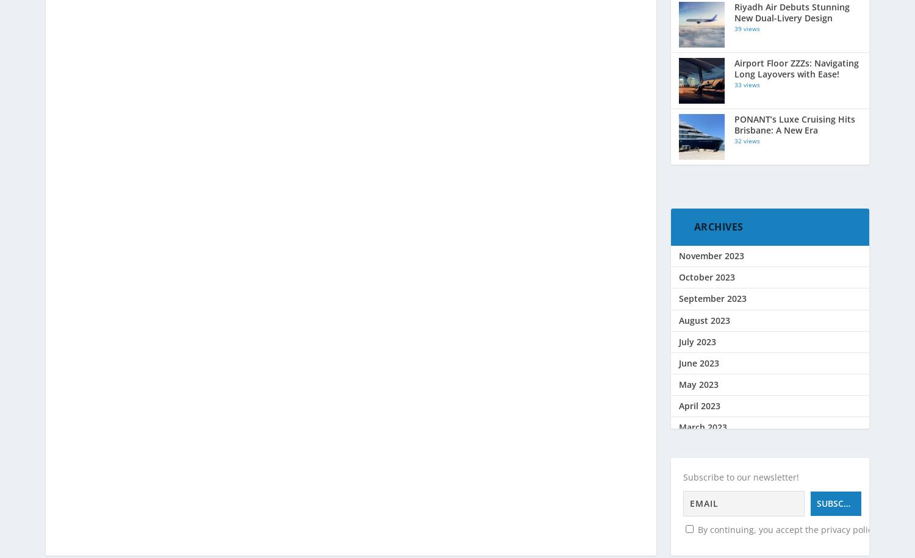 The height and width of the screenshot is (558, 915). I want to click on 'Oceania News', so click(707, 85).